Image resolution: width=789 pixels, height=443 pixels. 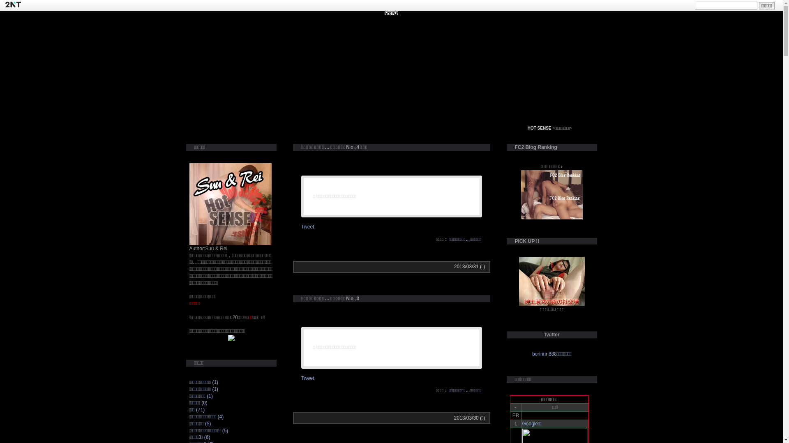 What do you see at coordinates (307, 378) in the screenshot?
I see `'Tweet'` at bounding box center [307, 378].